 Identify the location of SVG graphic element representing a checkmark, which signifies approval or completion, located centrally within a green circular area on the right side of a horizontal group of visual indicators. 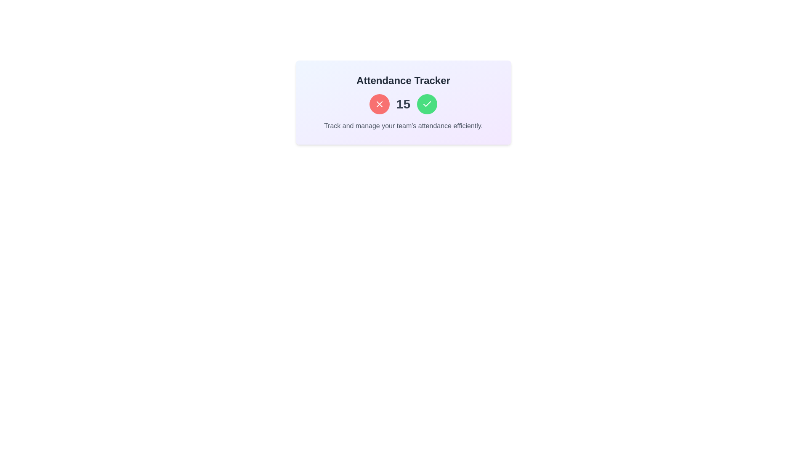
(427, 103).